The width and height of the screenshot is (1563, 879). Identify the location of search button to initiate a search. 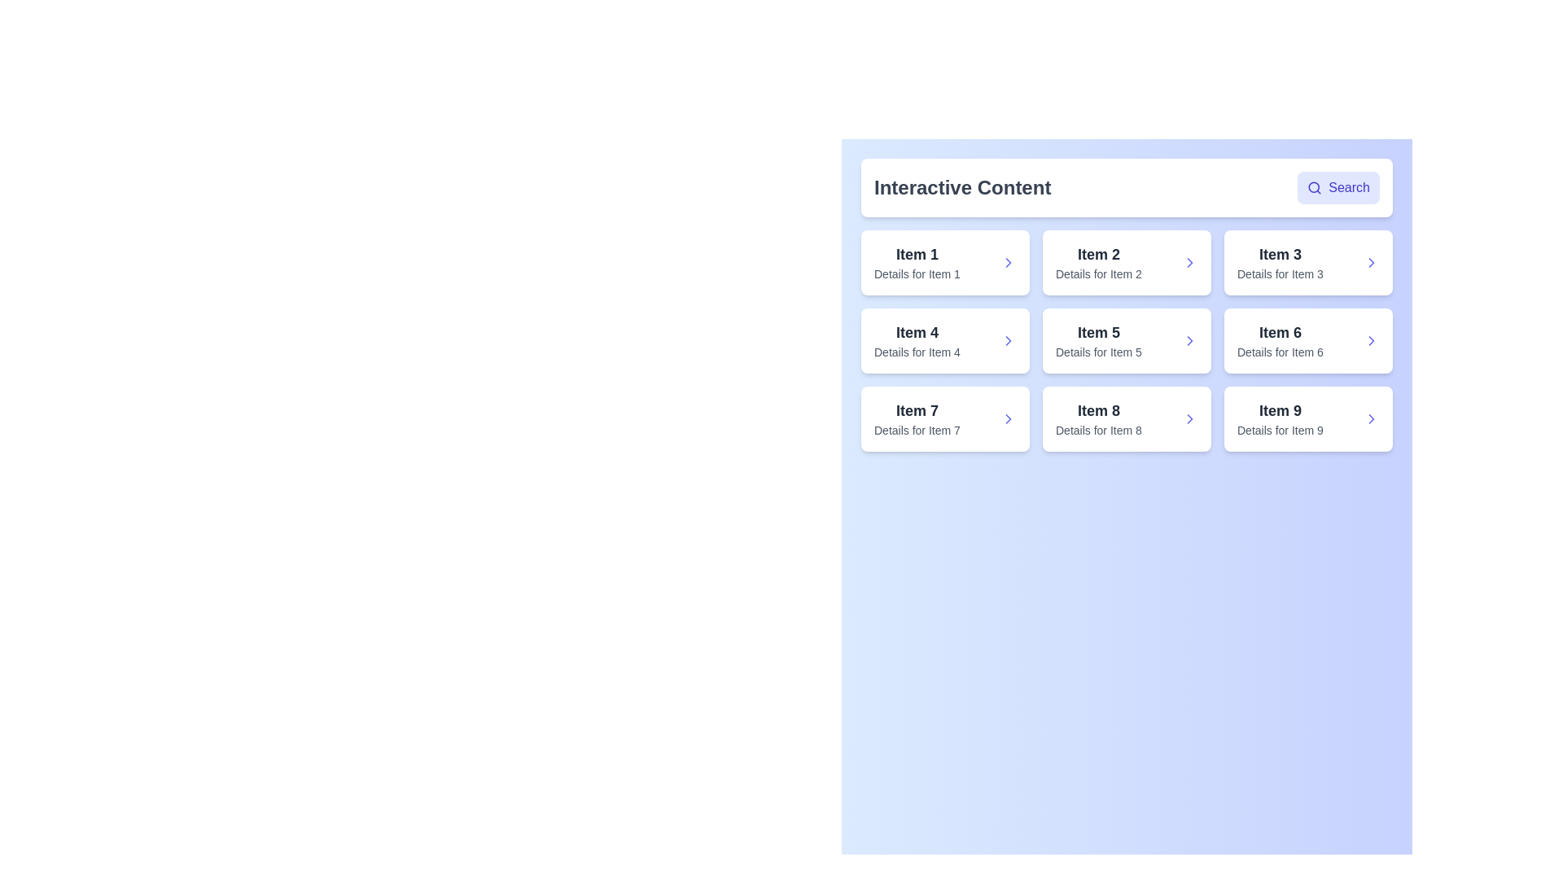
(1338, 187).